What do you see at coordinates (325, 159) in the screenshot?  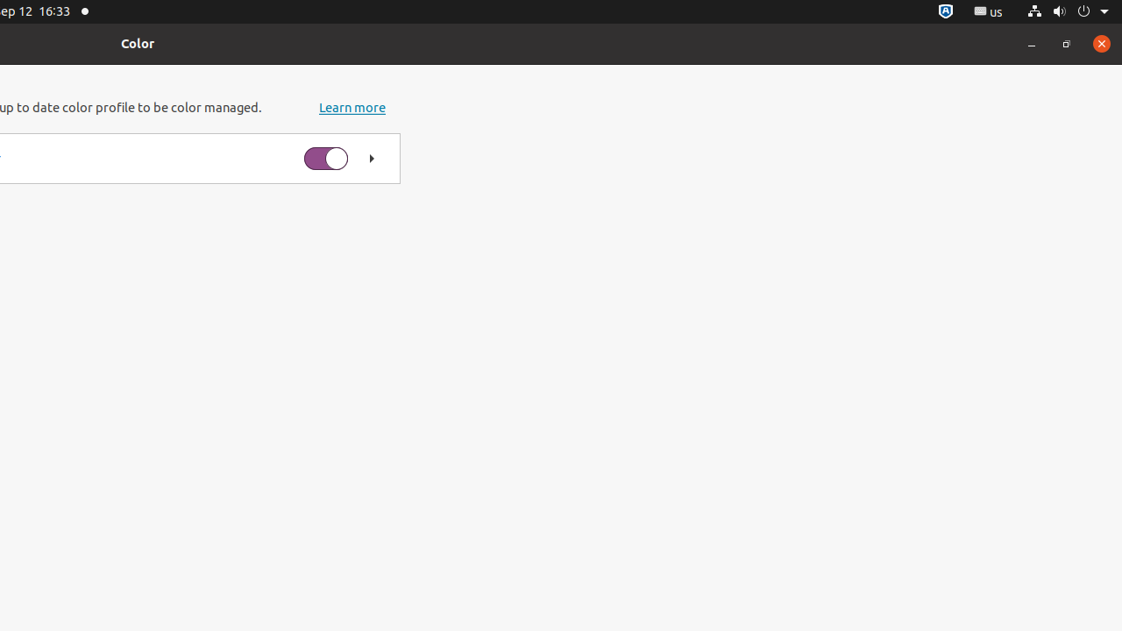 I see `'Enable color management for Q2790PQ Monitor'` at bounding box center [325, 159].